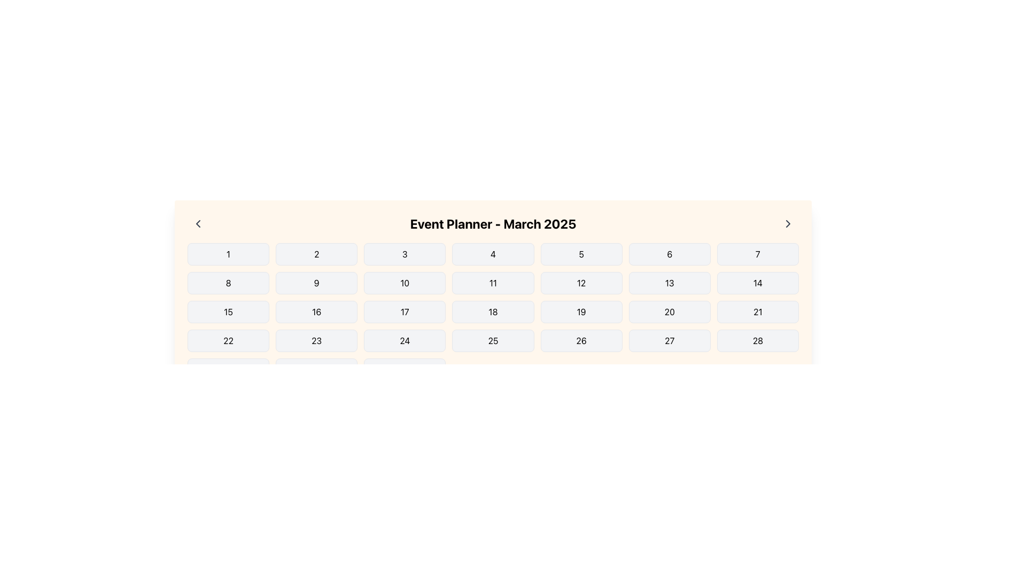  I want to click on the gray rectangular button with rounded corners displaying the number '20' in bold, dark text, so click(669, 311).